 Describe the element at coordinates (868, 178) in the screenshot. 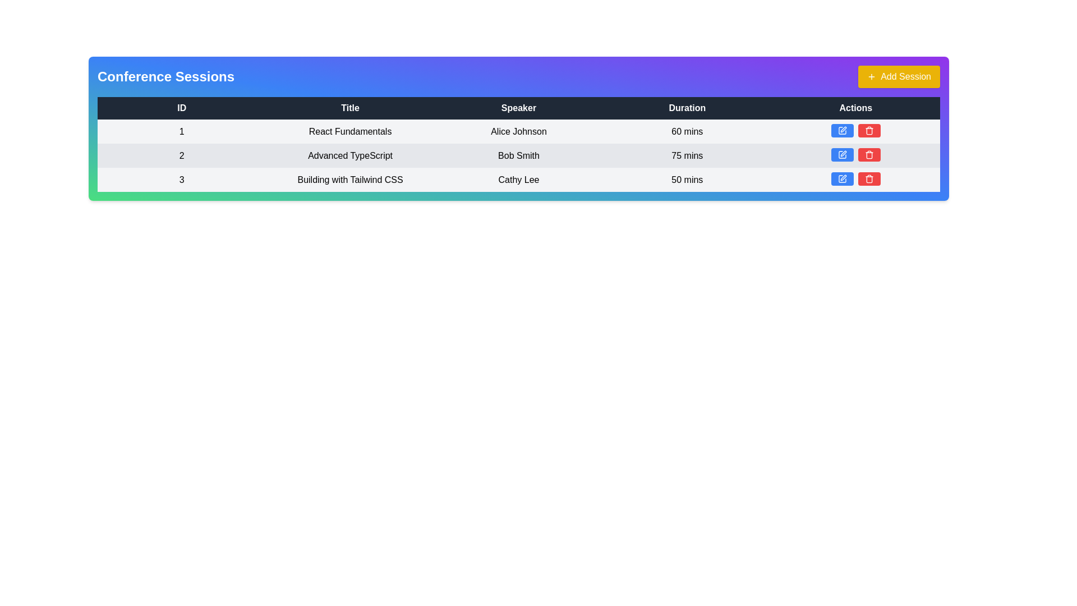

I see `the delete button with a trash bin icon located in the last column of the actions section of the third row under 'Conference Sessions' to observe the hover effects` at that location.